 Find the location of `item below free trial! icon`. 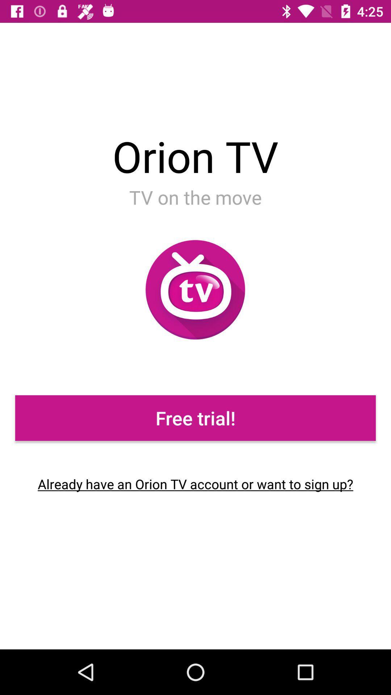

item below free trial! icon is located at coordinates (195, 484).